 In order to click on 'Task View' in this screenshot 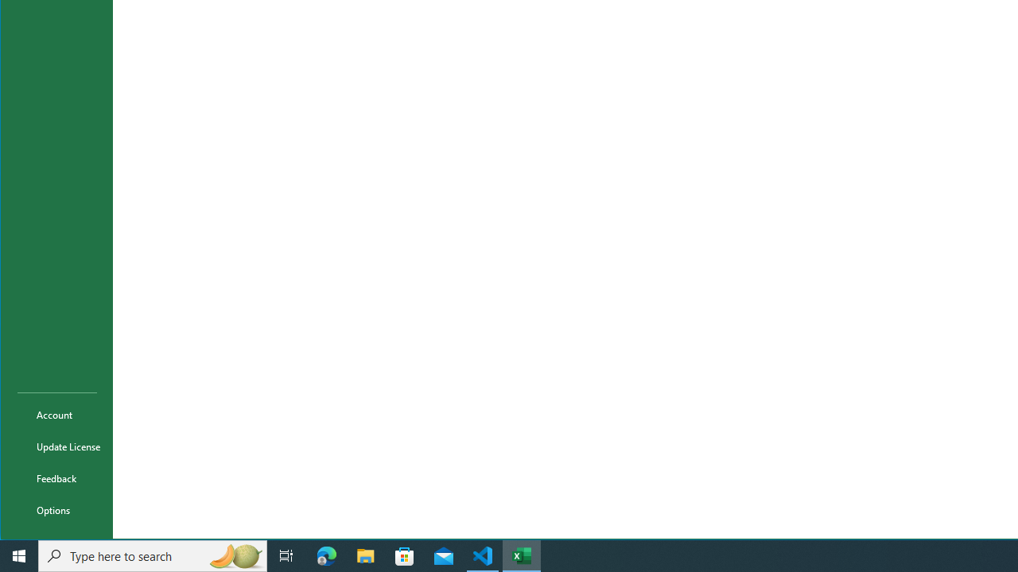, I will do `click(286, 555)`.